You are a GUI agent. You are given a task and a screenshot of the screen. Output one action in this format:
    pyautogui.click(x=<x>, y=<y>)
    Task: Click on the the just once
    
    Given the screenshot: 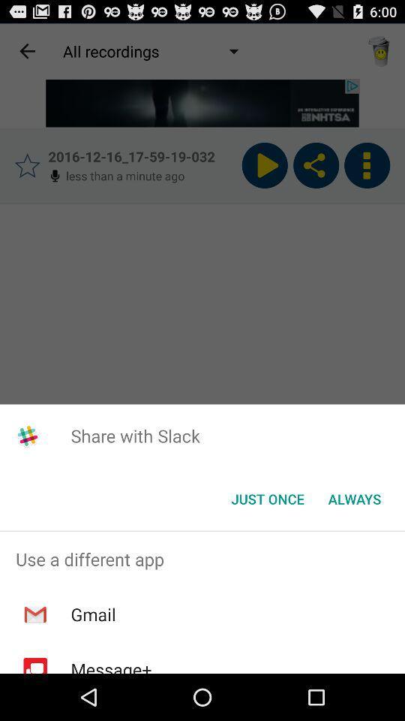 What is the action you would take?
    pyautogui.click(x=267, y=499)
    